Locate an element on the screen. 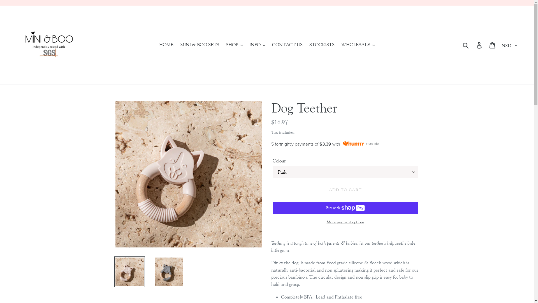 The image size is (538, 303). 'MINI & BOO SETS' is located at coordinates (200, 44).